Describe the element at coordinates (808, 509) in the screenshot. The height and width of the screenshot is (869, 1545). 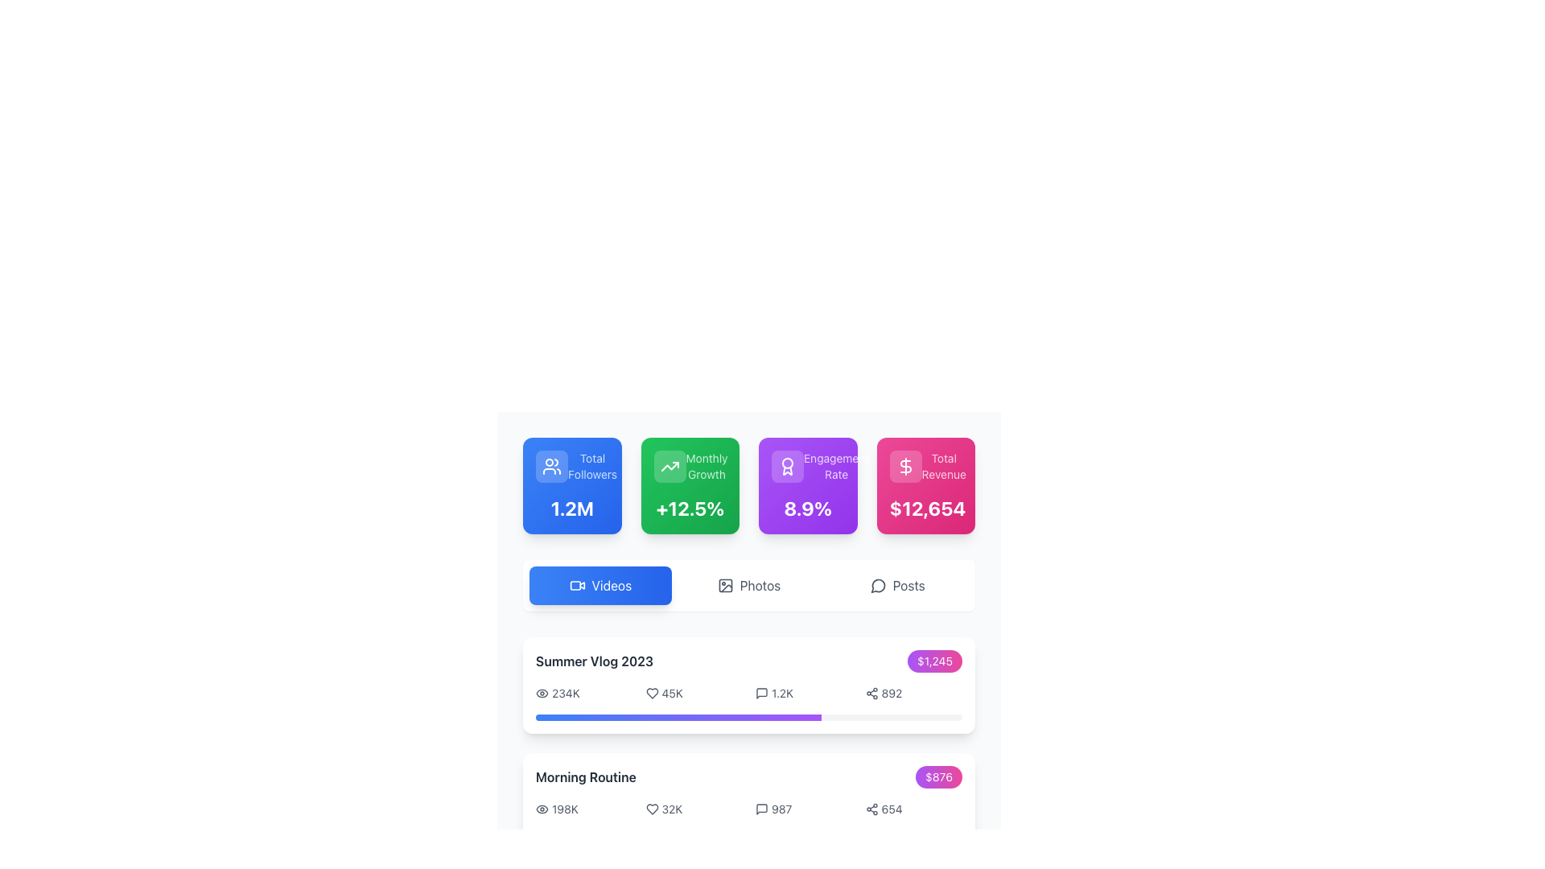
I see `the text display showing '8.9%' on the purple gradient background, which indicates the Engagement Rate metric` at that location.